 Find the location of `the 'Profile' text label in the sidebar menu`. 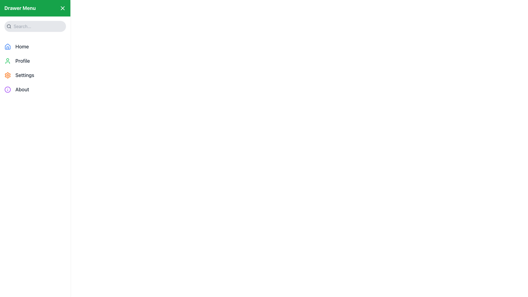

the 'Profile' text label in the sidebar menu is located at coordinates (22, 61).